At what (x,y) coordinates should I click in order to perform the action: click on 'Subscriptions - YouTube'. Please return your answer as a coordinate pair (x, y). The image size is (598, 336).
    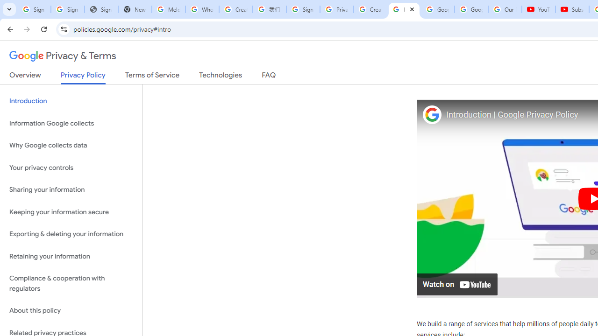
    Looking at the image, I should click on (571, 9).